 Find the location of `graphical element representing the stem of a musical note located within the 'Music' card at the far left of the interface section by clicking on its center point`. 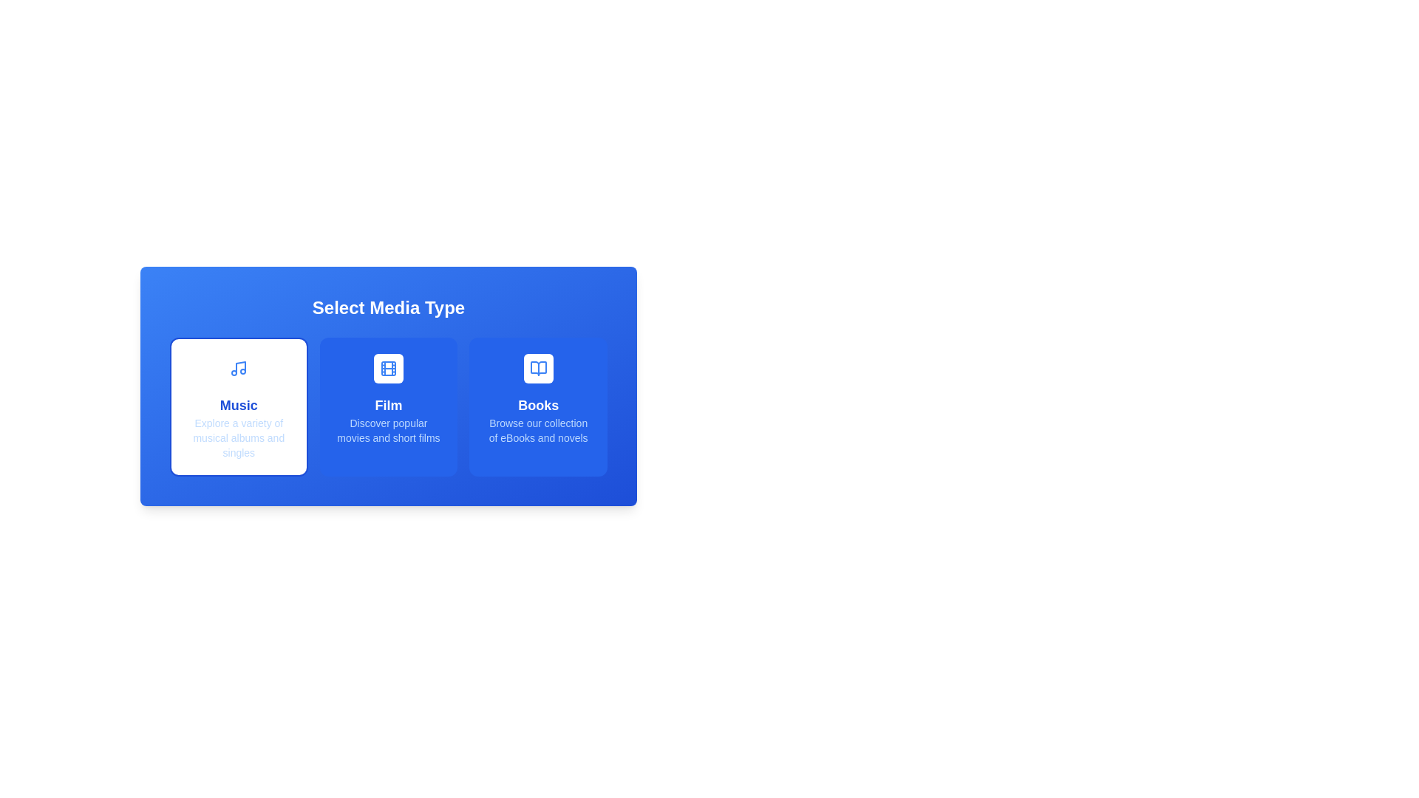

graphical element representing the stem of a musical note located within the 'Music' card at the far left of the interface section by clicking on its center point is located at coordinates (241, 366).